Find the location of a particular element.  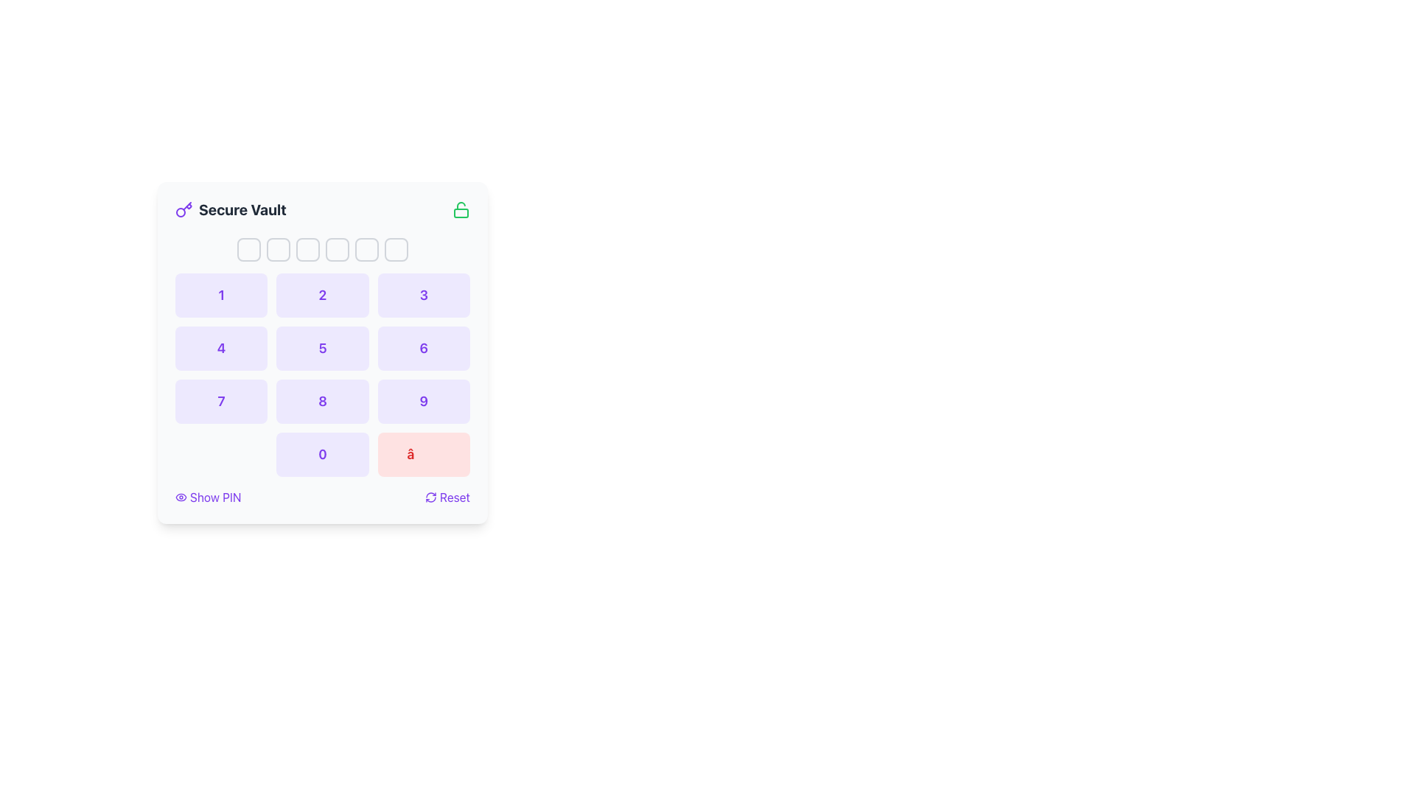

the 'Secure Vault' text label is located at coordinates (242, 210).